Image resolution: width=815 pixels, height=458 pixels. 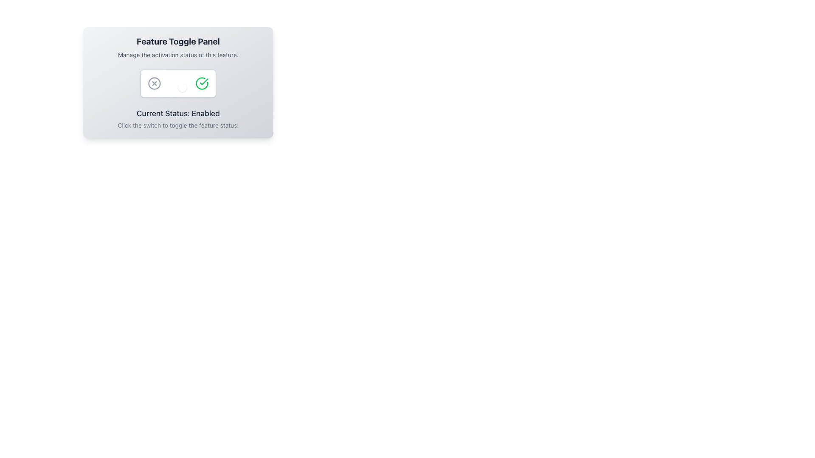 What do you see at coordinates (177, 113) in the screenshot?
I see `text label displaying 'Current Status: Enabled' to understand the status of the toggle switch` at bounding box center [177, 113].